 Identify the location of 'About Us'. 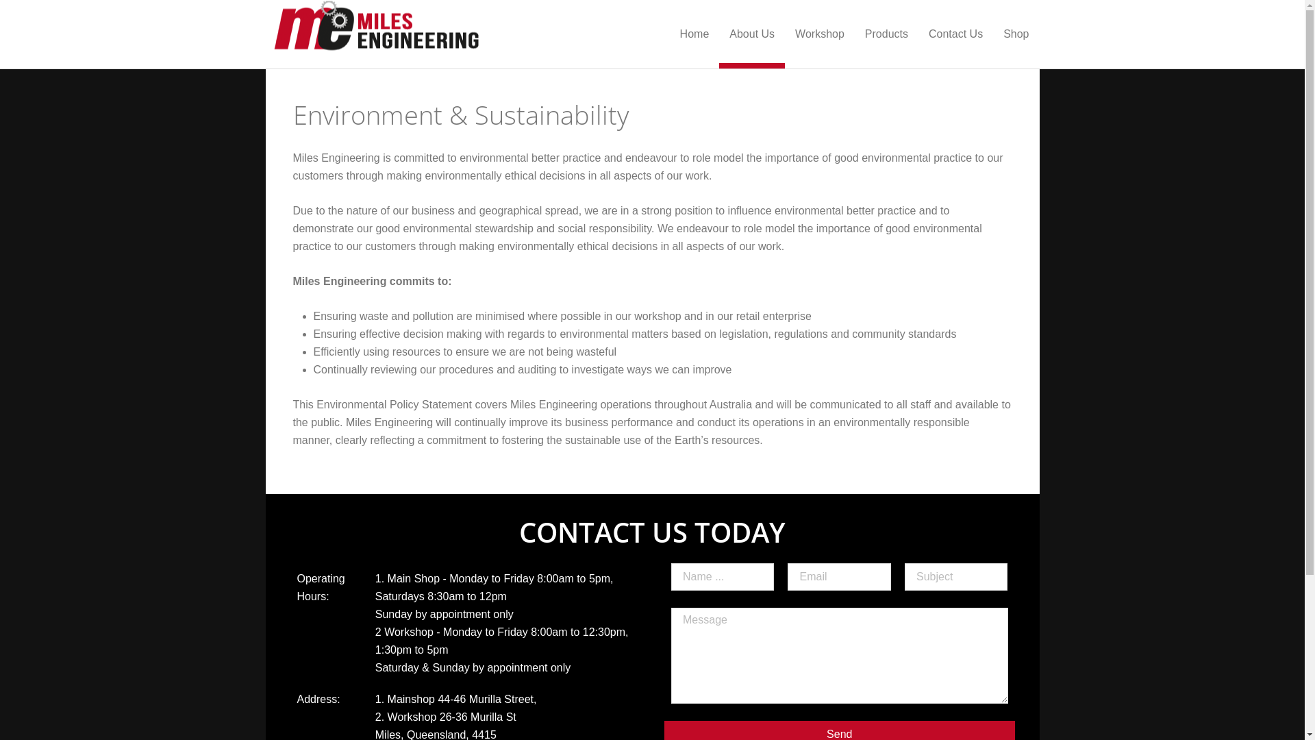
(751, 34).